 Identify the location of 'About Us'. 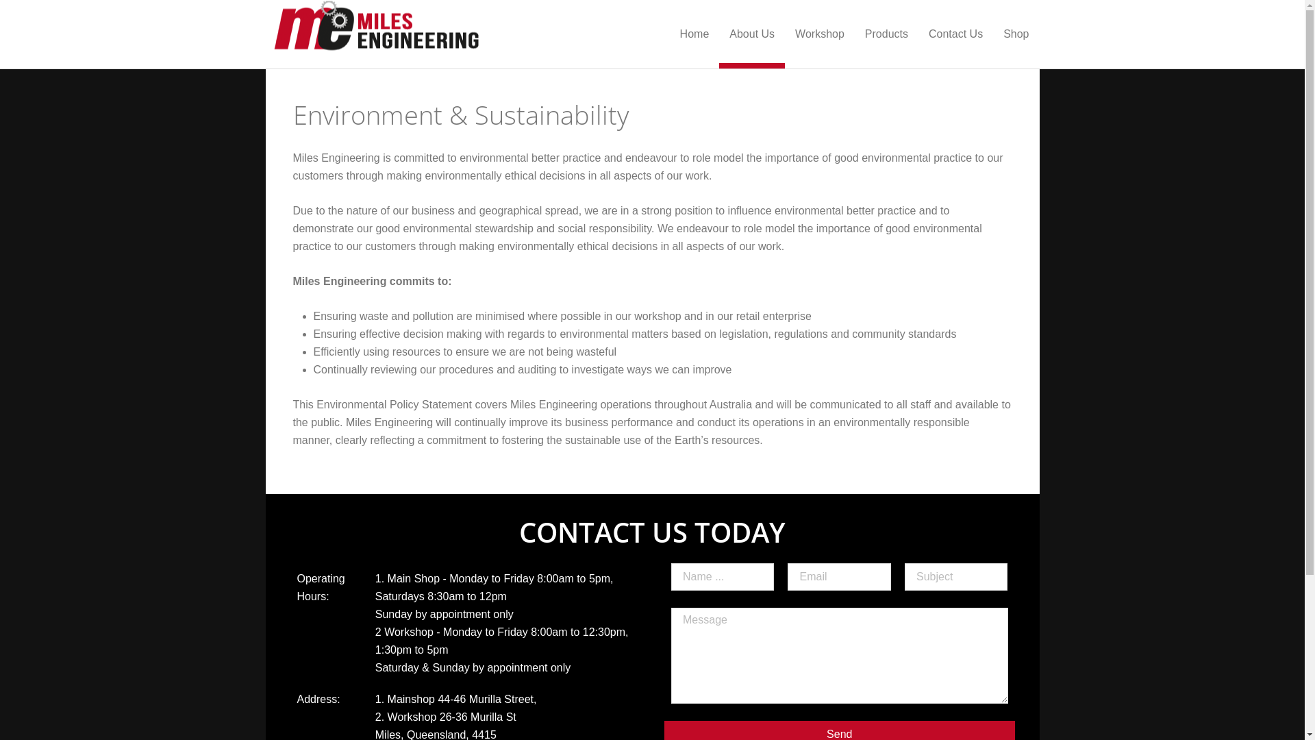
(751, 34).